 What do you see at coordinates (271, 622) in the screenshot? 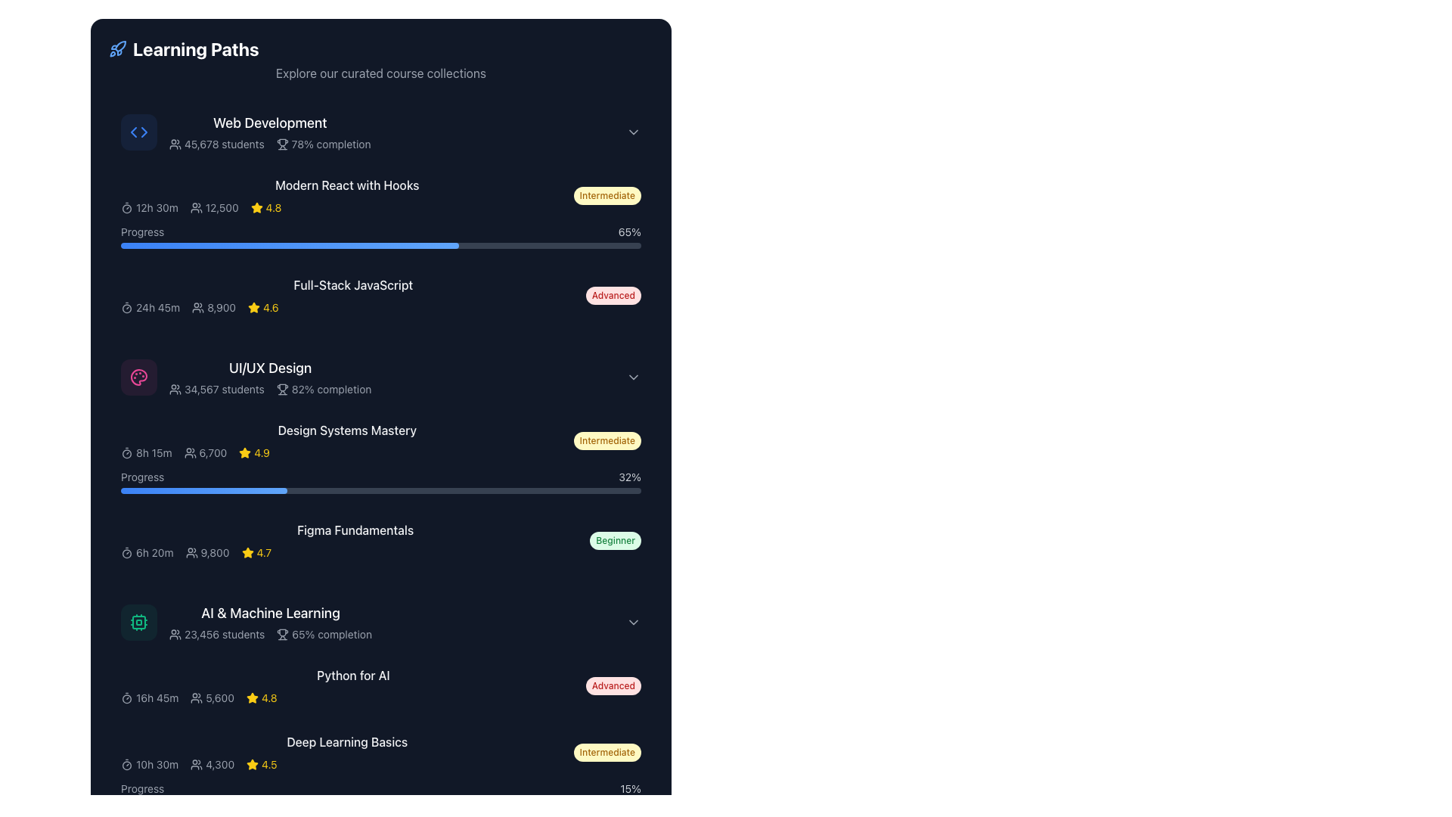
I see `the Text Block with Icon Decorations titled 'AI & Machine Learning', located centrally below the 'Figma Fundamentals' entry in the list of learning paths` at bounding box center [271, 622].